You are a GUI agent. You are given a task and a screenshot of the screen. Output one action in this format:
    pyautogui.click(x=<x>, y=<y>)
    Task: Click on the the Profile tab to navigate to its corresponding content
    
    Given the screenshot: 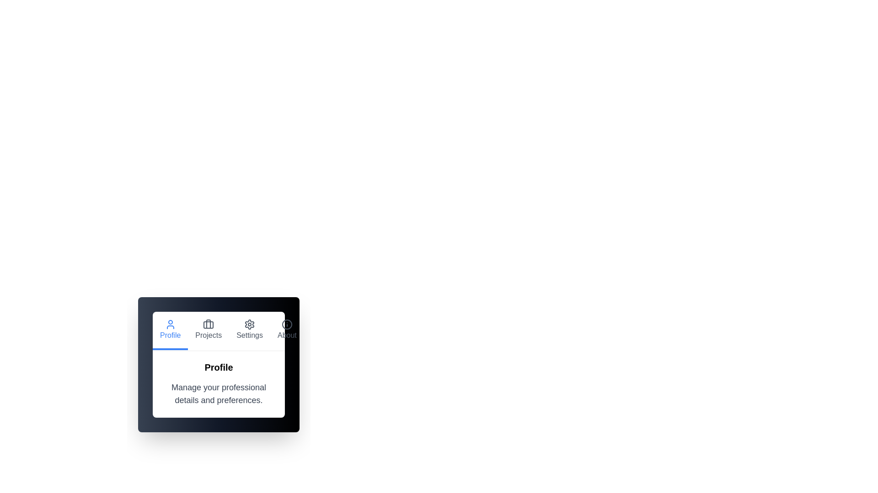 What is the action you would take?
    pyautogui.click(x=170, y=331)
    